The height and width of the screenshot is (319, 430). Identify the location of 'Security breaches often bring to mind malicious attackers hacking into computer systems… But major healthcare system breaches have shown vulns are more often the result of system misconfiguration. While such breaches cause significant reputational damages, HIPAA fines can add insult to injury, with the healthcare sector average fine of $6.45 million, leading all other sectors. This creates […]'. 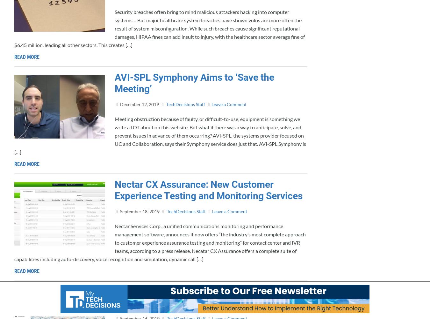
(159, 28).